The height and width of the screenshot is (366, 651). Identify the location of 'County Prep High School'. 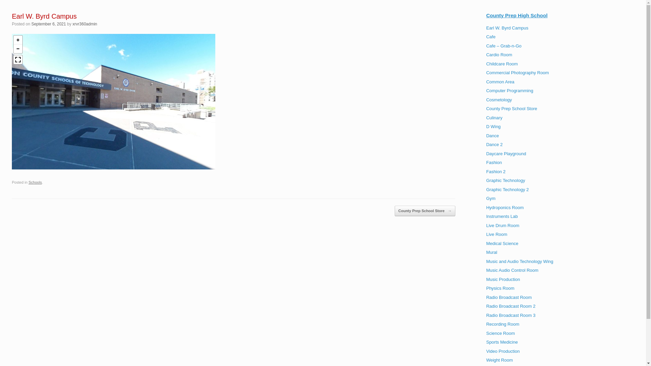
(486, 15).